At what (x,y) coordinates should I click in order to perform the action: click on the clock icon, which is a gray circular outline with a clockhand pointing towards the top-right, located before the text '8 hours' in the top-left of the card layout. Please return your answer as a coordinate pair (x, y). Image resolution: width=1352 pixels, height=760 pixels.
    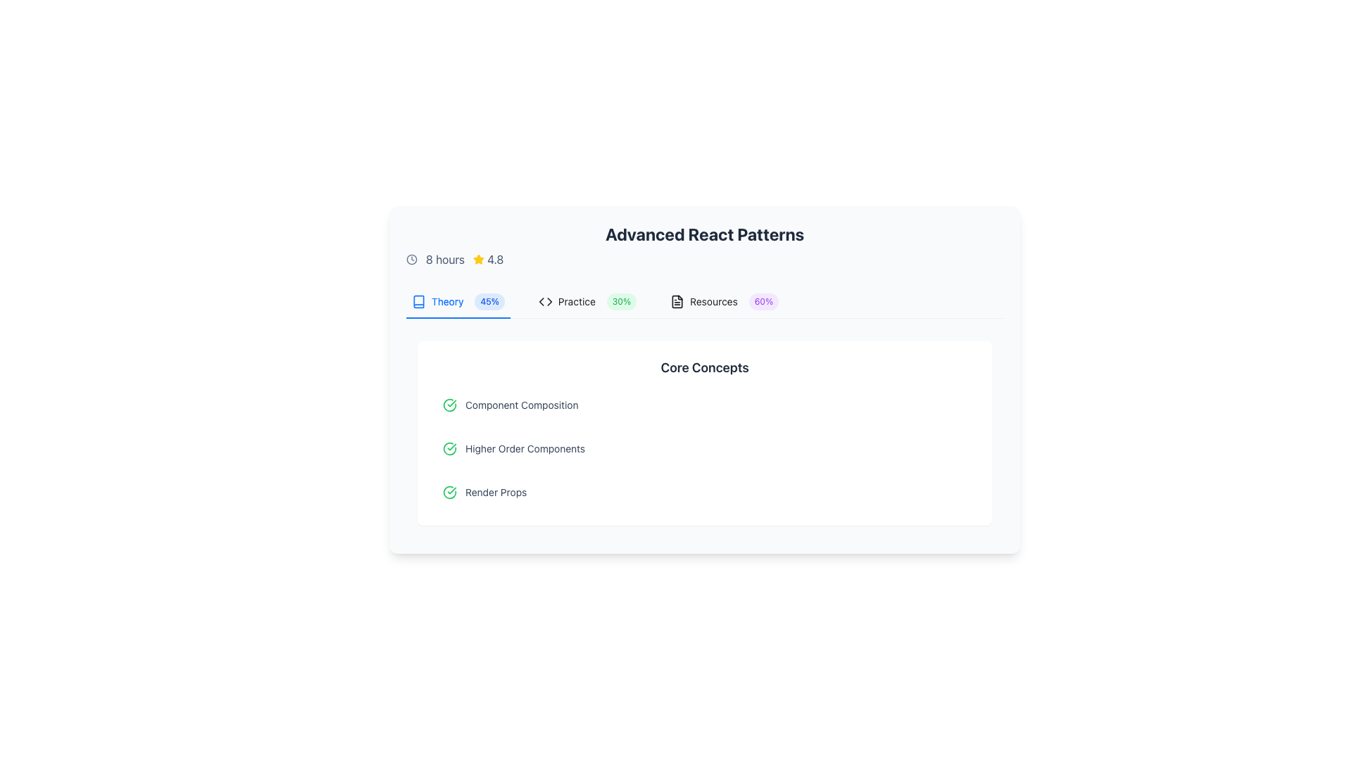
    Looking at the image, I should click on (411, 260).